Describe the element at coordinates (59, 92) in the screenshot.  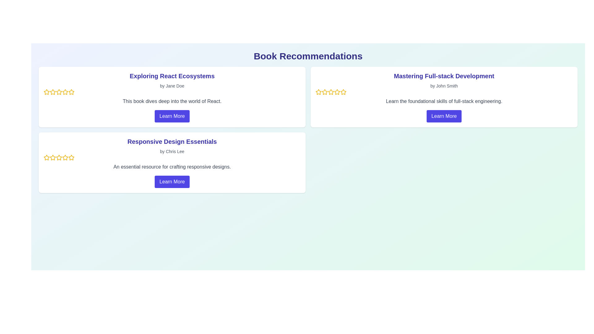
I see `the second star in the rating system under the 'Exploring React Ecosystems' section` at that location.